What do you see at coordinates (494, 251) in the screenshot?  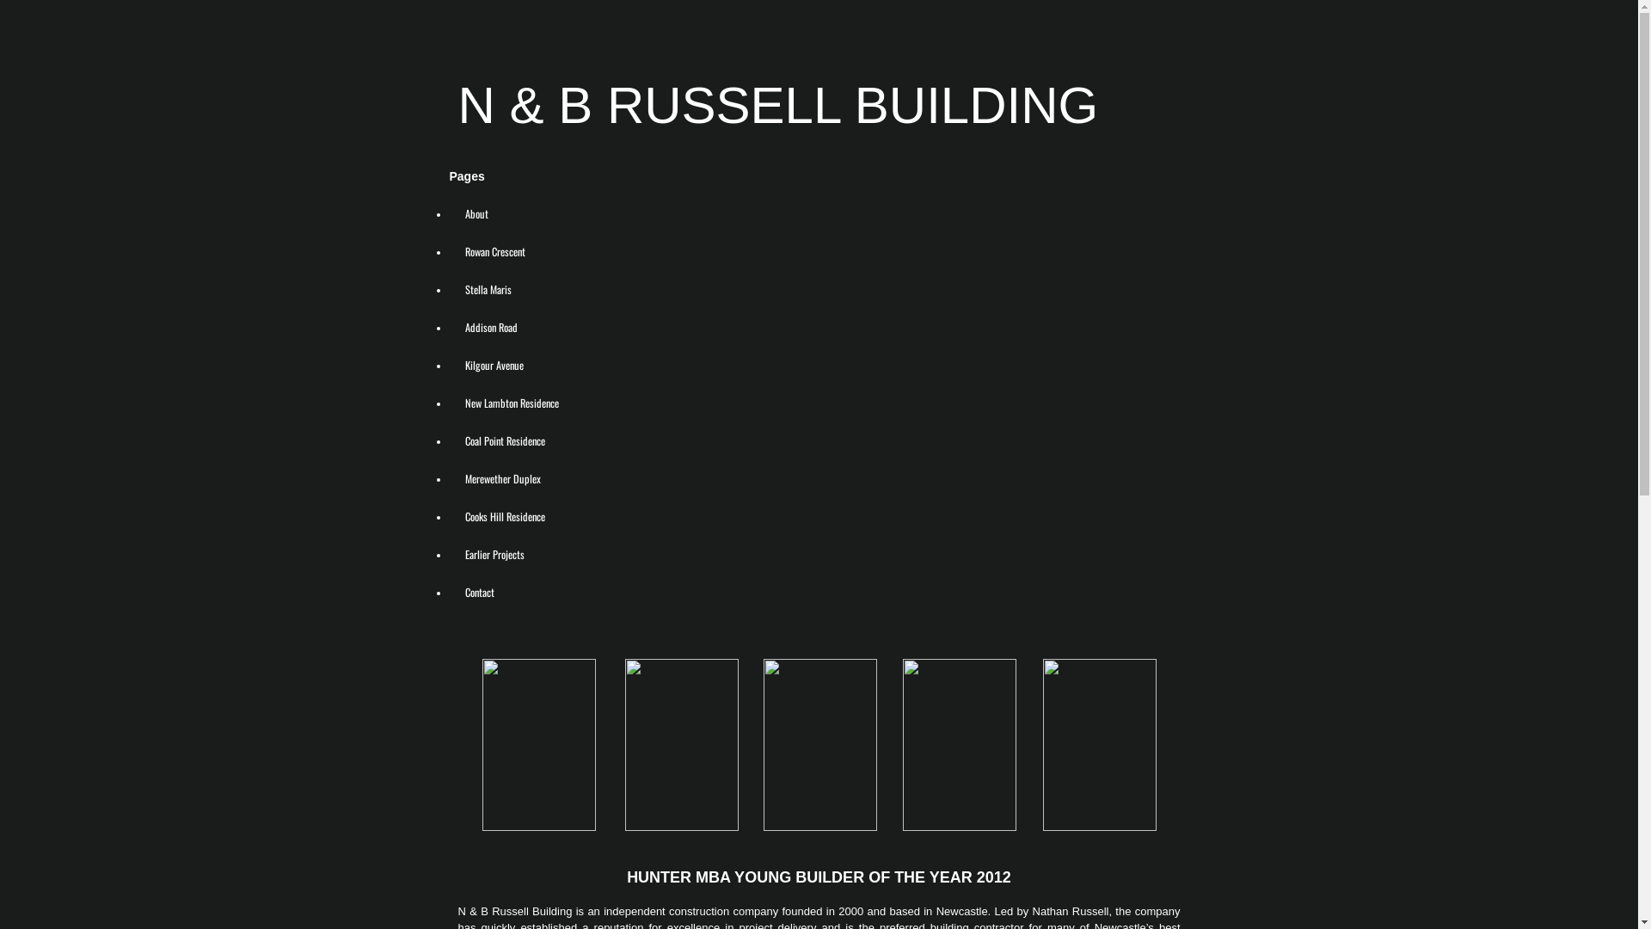 I see `'Rowan Crescent'` at bounding box center [494, 251].